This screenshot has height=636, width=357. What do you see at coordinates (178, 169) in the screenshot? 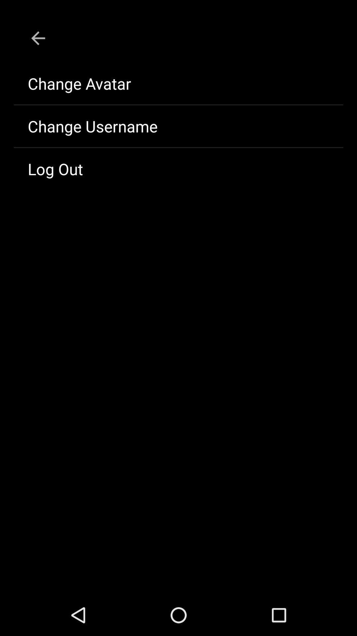
I see `log out` at bounding box center [178, 169].